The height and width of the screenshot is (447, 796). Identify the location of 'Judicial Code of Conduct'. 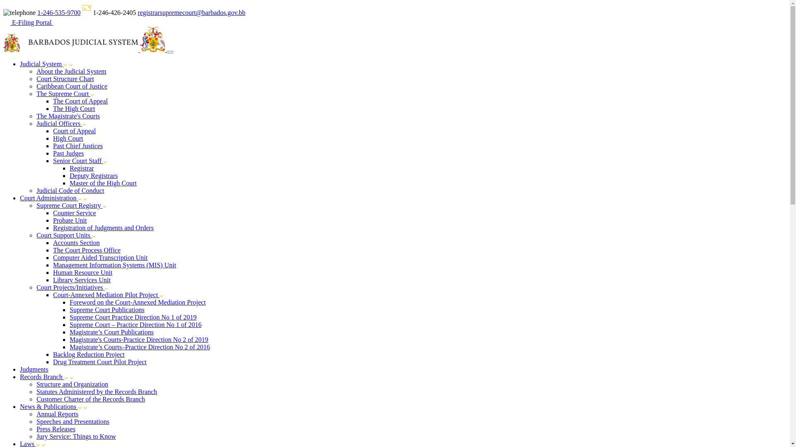
(36, 190).